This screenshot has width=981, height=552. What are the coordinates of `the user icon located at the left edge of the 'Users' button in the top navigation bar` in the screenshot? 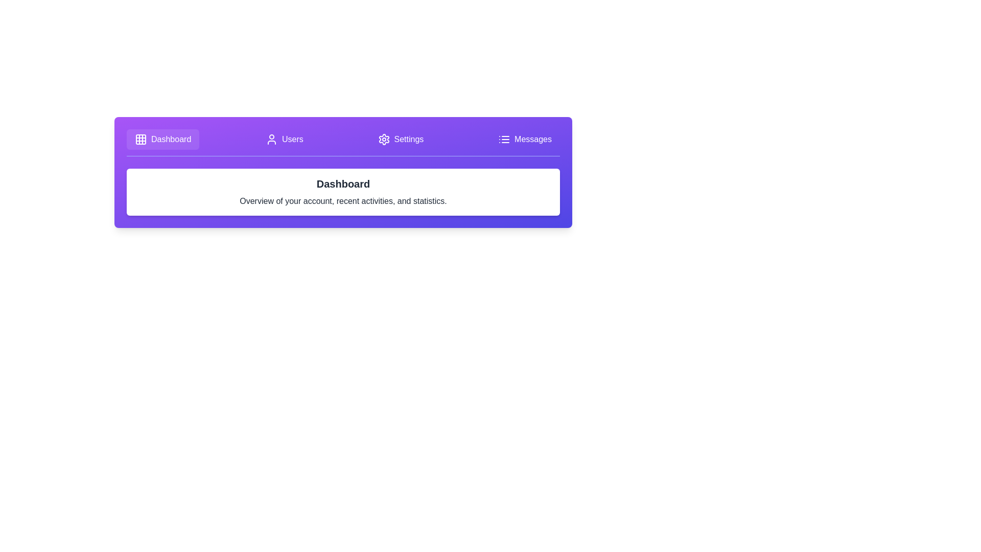 It's located at (272, 140).